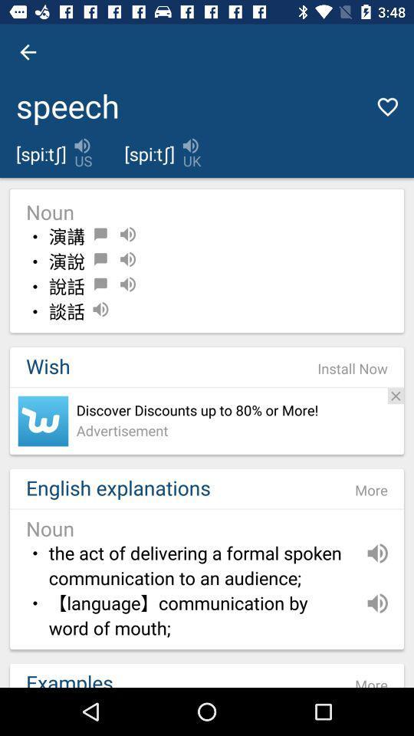 The width and height of the screenshot is (414, 736). Describe the element at coordinates (200, 616) in the screenshot. I see `the item below the the act of` at that location.